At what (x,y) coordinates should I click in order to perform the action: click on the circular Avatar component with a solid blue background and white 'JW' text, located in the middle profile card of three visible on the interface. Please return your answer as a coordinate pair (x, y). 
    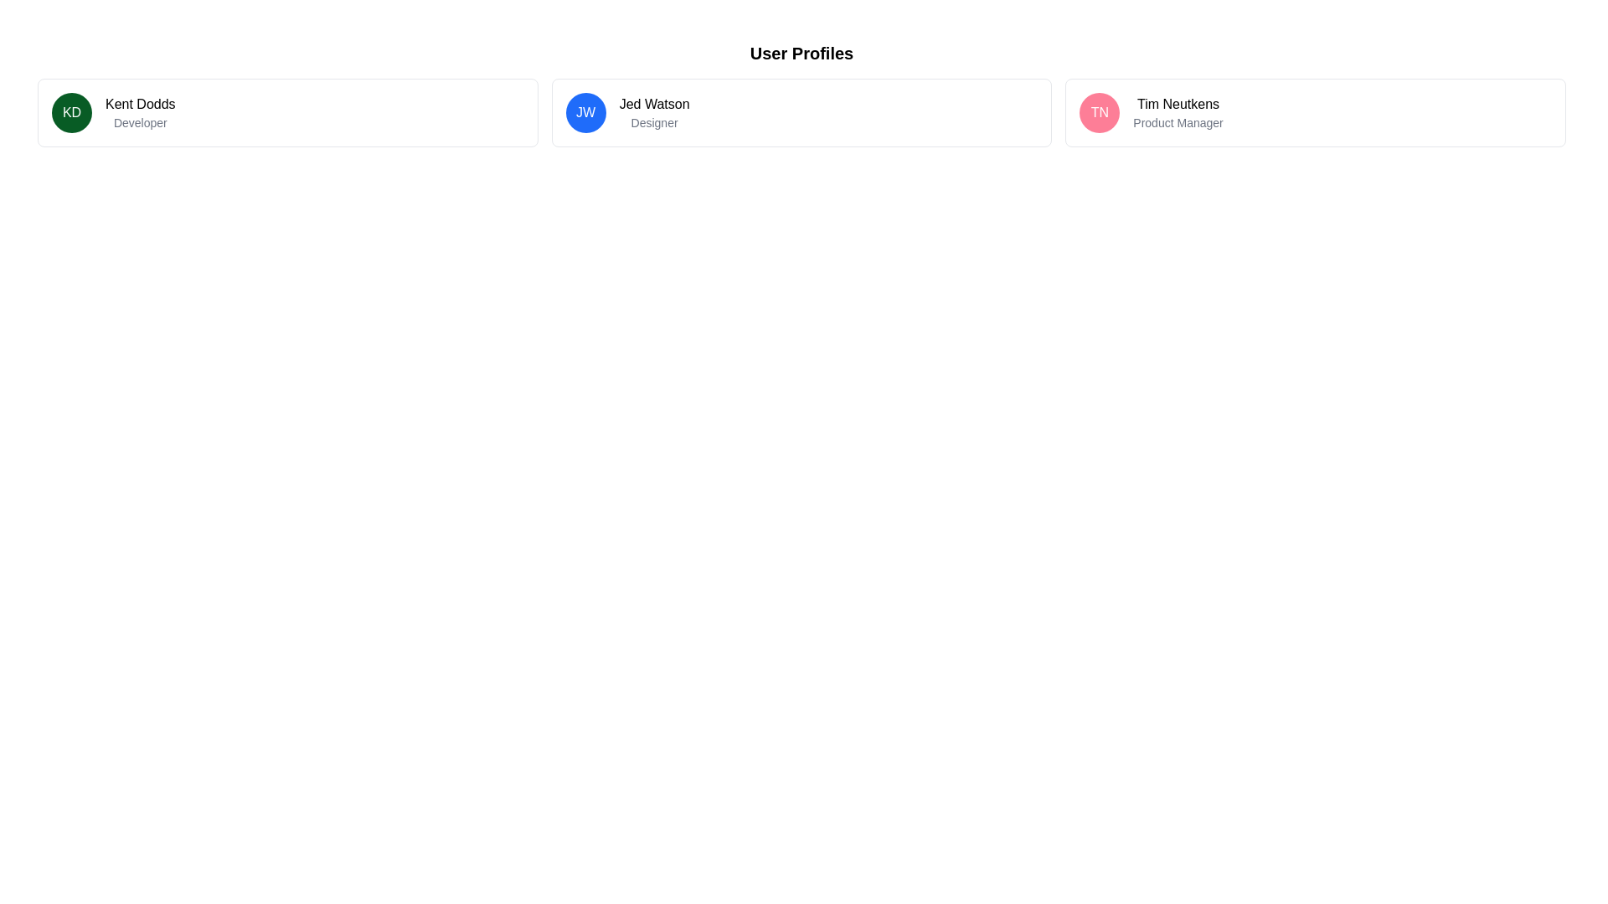
    Looking at the image, I should click on (585, 113).